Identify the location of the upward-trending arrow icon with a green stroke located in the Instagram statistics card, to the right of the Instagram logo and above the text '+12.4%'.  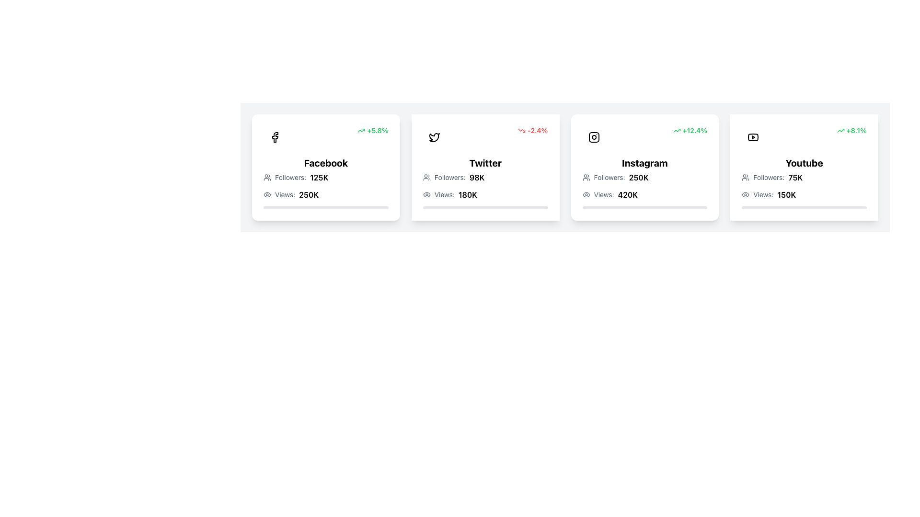
(676, 131).